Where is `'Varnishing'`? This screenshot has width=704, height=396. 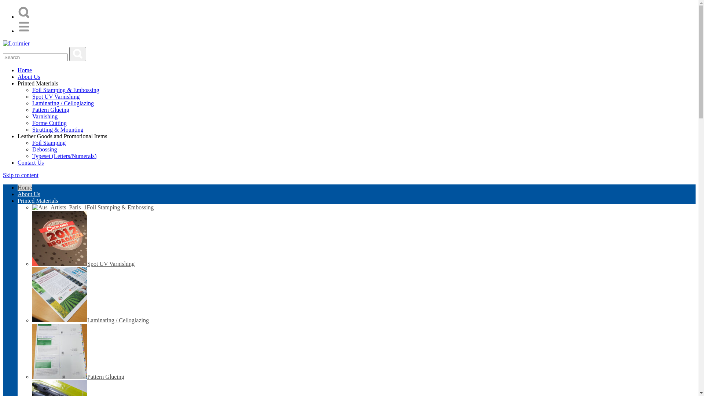
'Varnishing' is located at coordinates (44, 116).